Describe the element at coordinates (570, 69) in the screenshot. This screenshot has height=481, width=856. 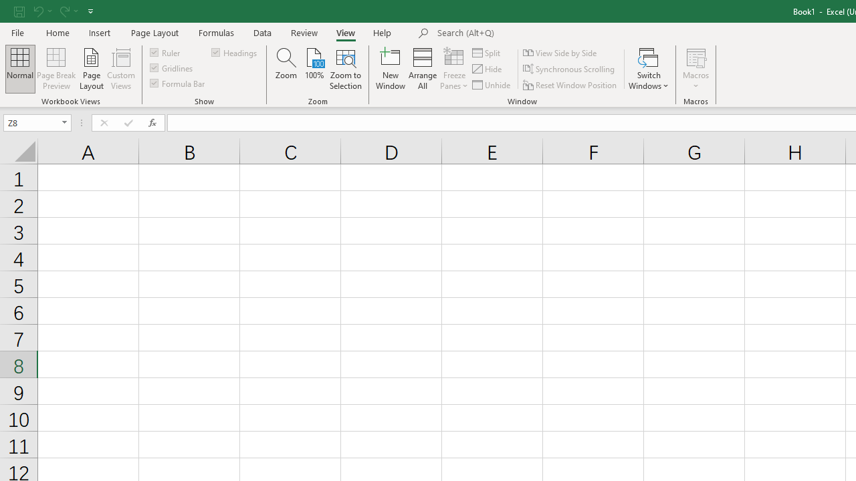
I see `'Synchronous Scrolling'` at that location.